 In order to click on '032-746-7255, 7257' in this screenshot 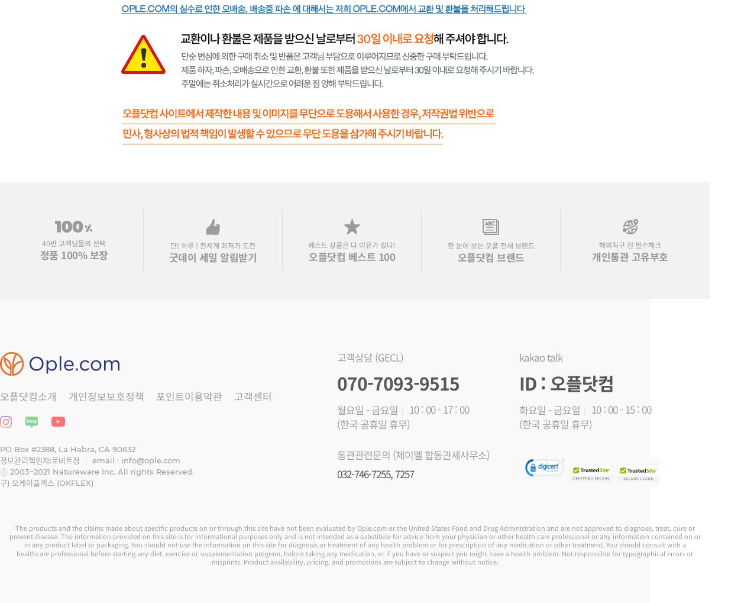, I will do `click(375, 473)`.